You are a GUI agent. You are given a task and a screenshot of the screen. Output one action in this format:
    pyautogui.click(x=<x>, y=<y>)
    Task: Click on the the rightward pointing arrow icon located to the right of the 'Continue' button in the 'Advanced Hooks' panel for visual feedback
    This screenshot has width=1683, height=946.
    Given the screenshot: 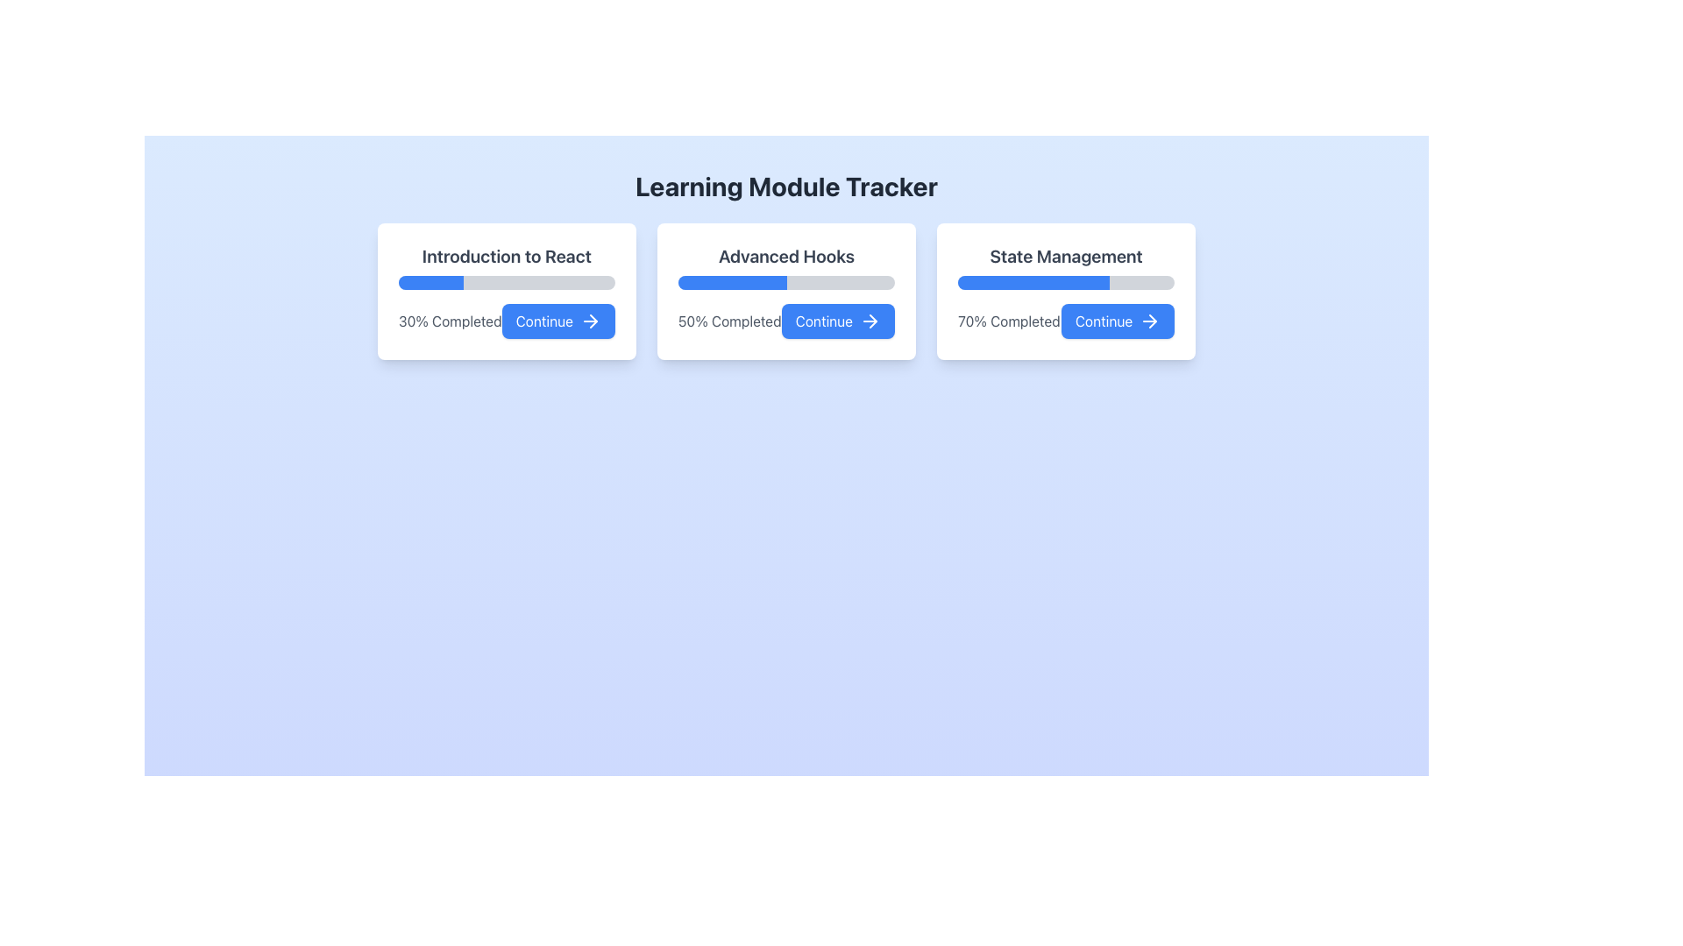 What is the action you would take?
    pyautogui.click(x=873, y=321)
    